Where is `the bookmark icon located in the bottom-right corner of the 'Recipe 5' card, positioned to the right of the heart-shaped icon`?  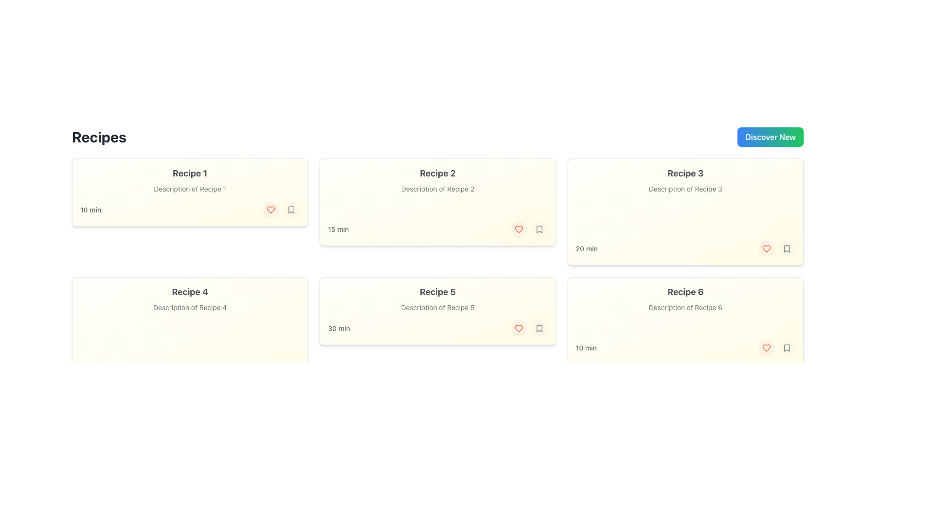
the bookmark icon located in the bottom-right corner of the 'Recipe 5' card, positioned to the right of the heart-shaped icon is located at coordinates (539, 328).